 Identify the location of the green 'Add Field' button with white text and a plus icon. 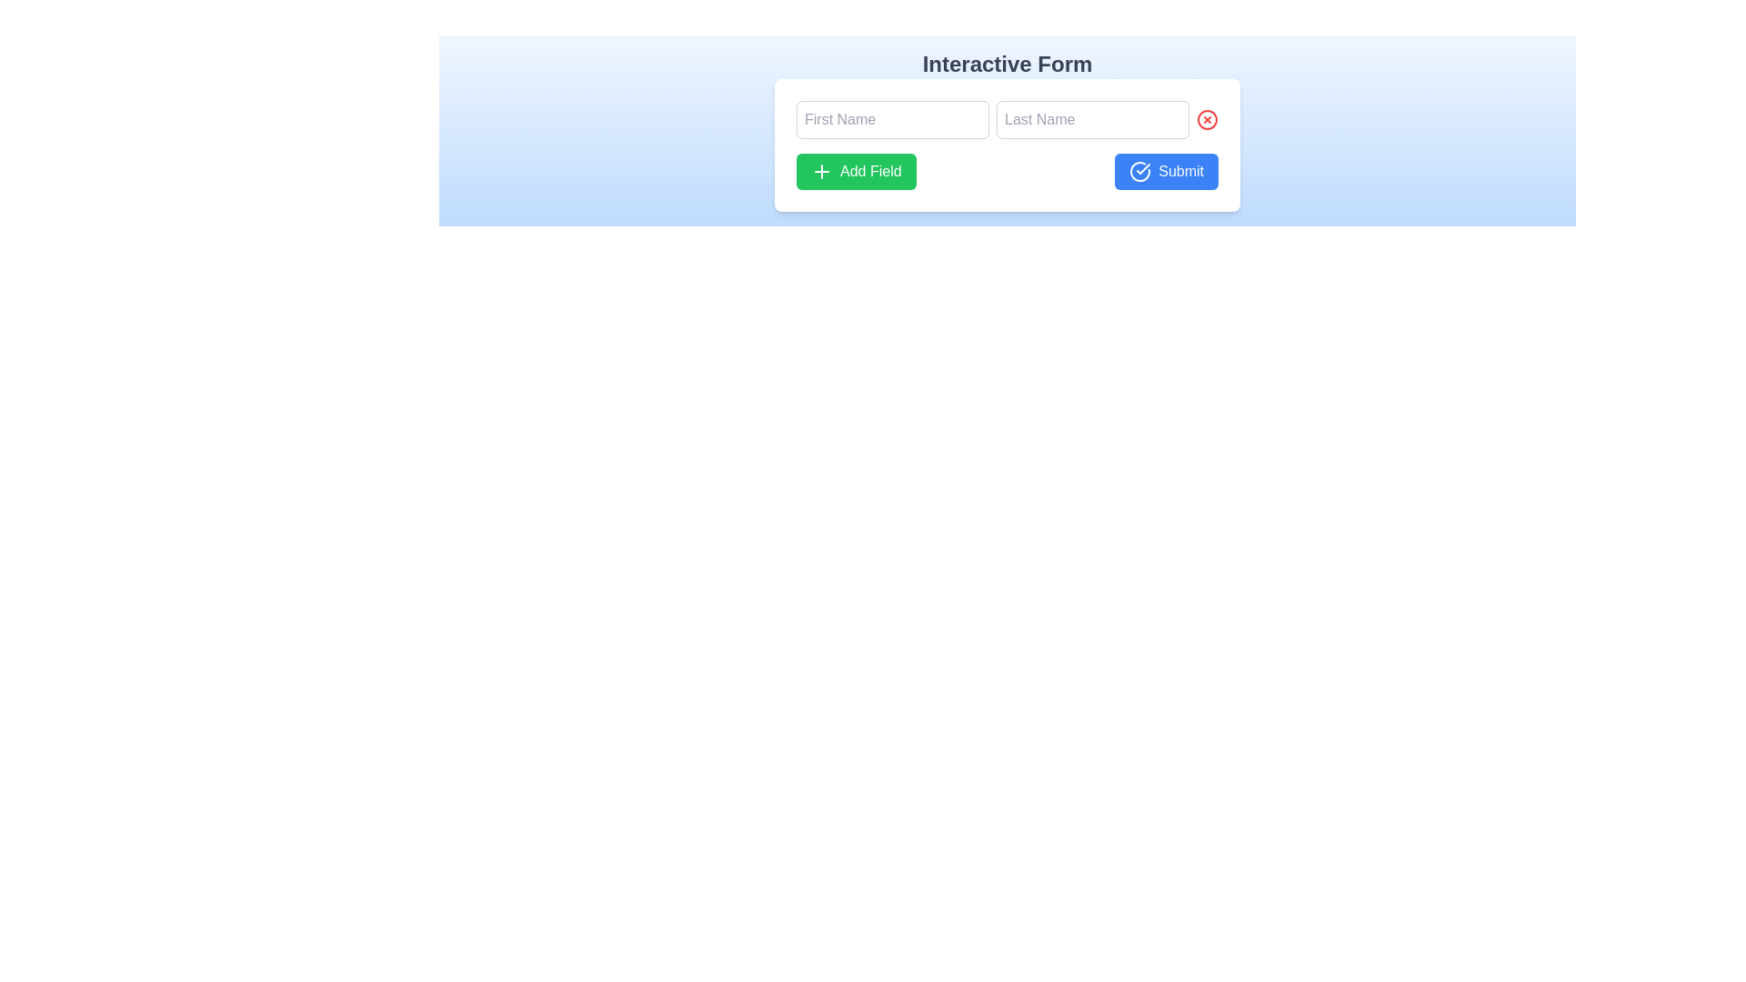
(855, 172).